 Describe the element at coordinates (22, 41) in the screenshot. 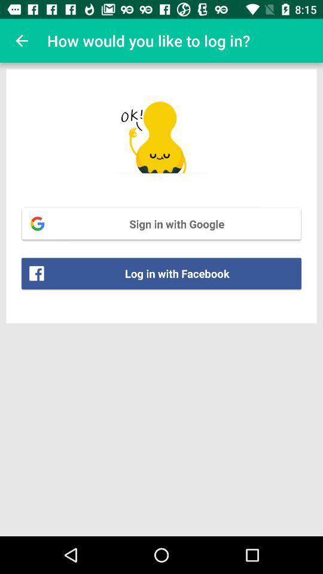

I see `icon at the top left corner` at that location.